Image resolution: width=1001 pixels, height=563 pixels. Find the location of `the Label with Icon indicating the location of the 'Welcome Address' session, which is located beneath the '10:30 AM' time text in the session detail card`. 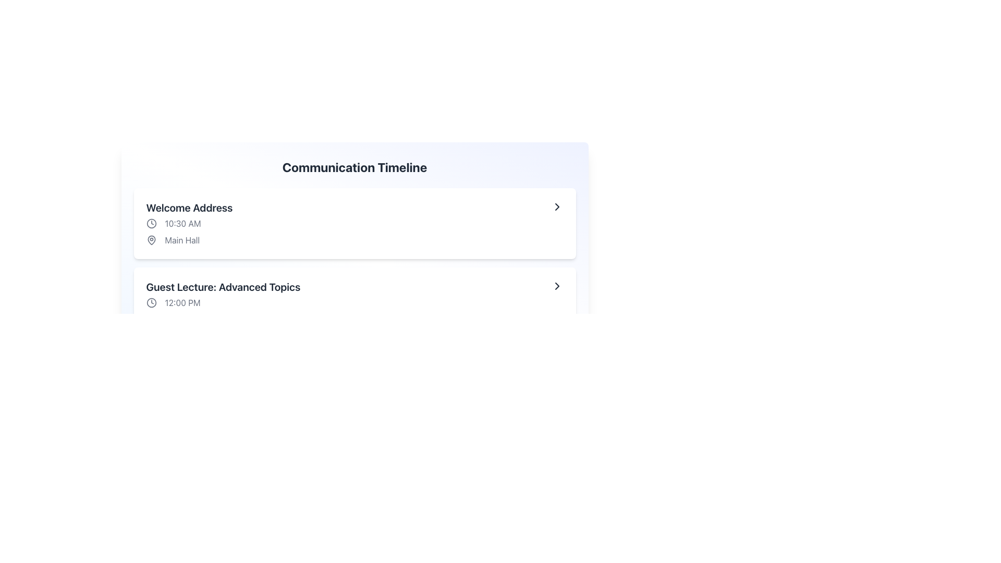

the Label with Icon indicating the location of the 'Welcome Address' session, which is located beneath the '10:30 AM' time text in the session detail card is located at coordinates (189, 240).